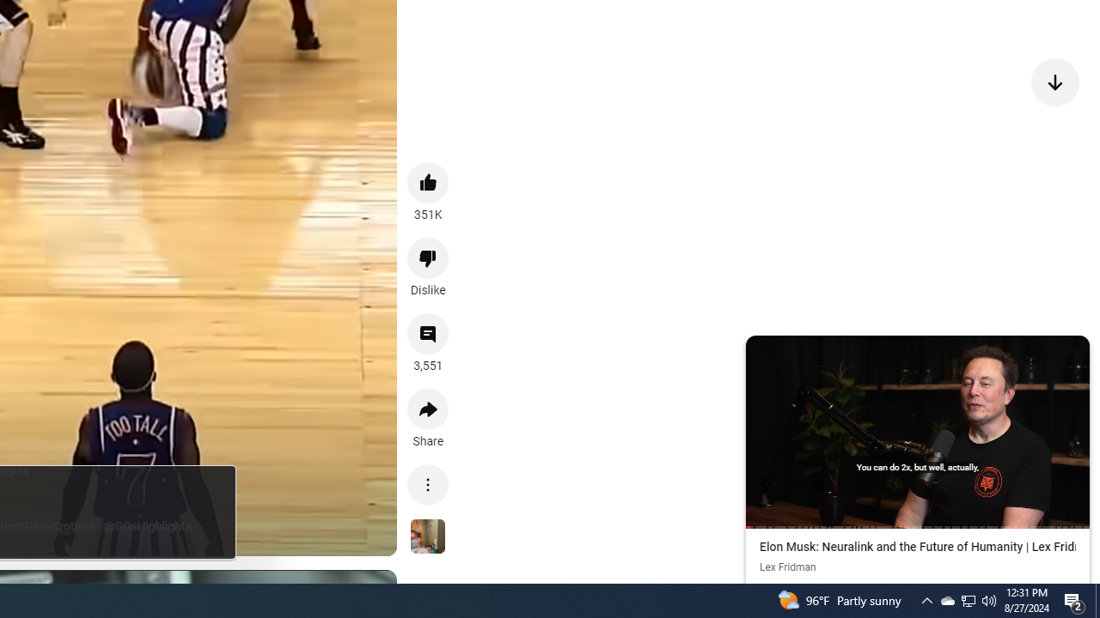 Image resolution: width=1100 pixels, height=618 pixels. What do you see at coordinates (428, 182) in the screenshot?
I see `'like this video along with 351K other people'` at bounding box center [428, 182].